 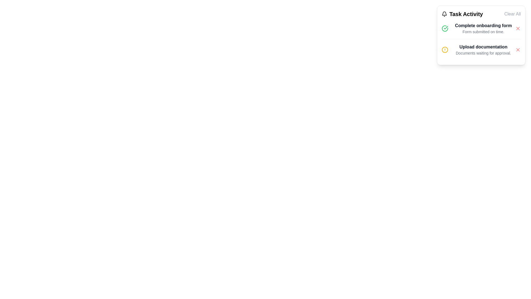 What do you see at coordinates (481, 29) in the screenshot?
I see `the first task entry in the 'Task Activity' notification panel` at bounding box center [481, 29].